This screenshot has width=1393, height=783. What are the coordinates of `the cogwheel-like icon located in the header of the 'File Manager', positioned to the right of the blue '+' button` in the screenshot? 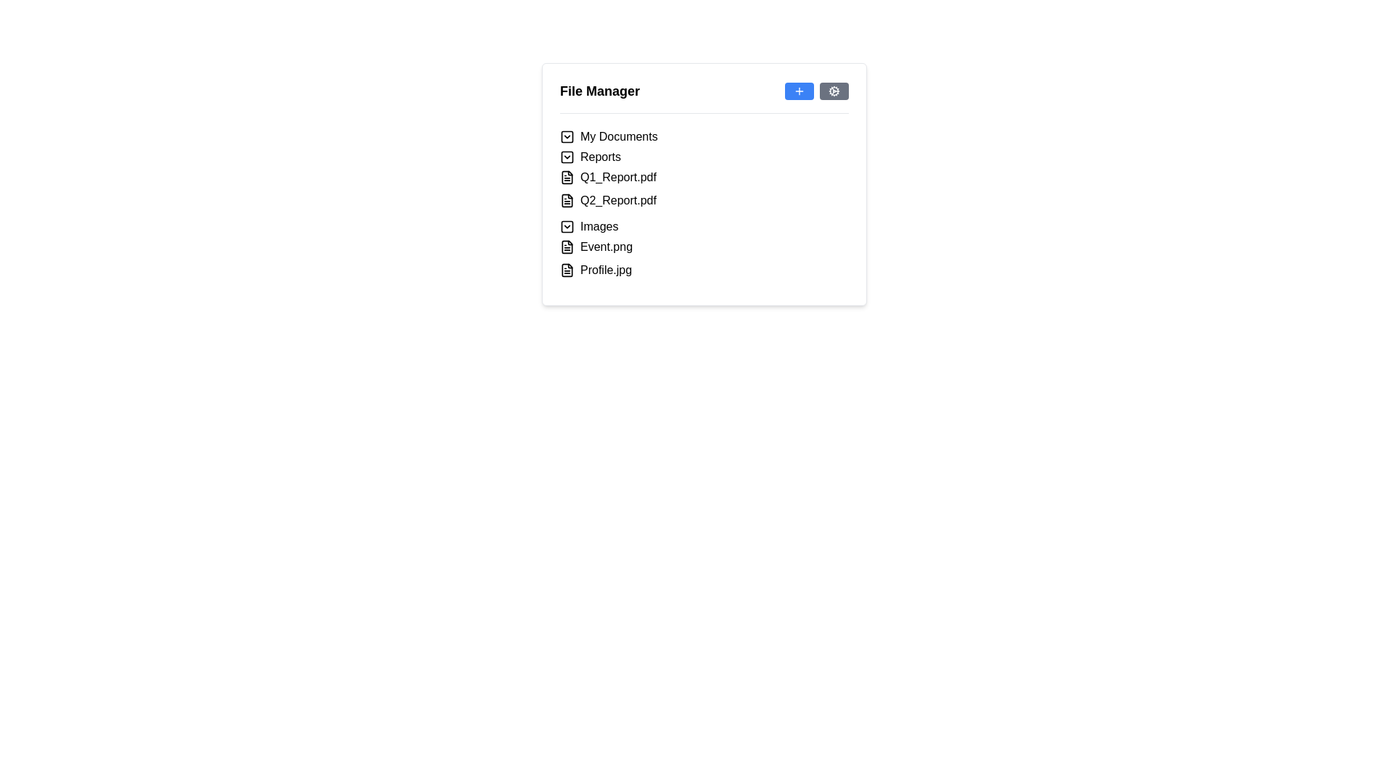 It's located at (834, 91).